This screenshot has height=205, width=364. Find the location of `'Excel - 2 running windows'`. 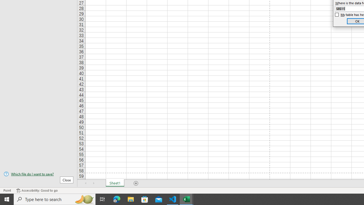

'Excel - 2 running windows' is located at coordinates (187, 199).